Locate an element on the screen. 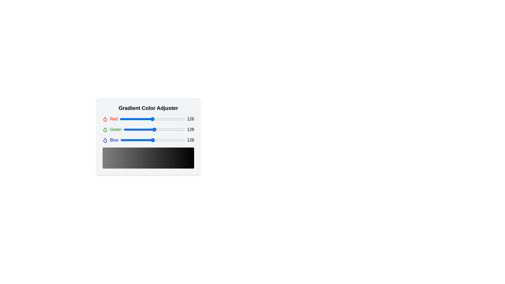  the red color slider to 77 is located at coordinates (139, 119).